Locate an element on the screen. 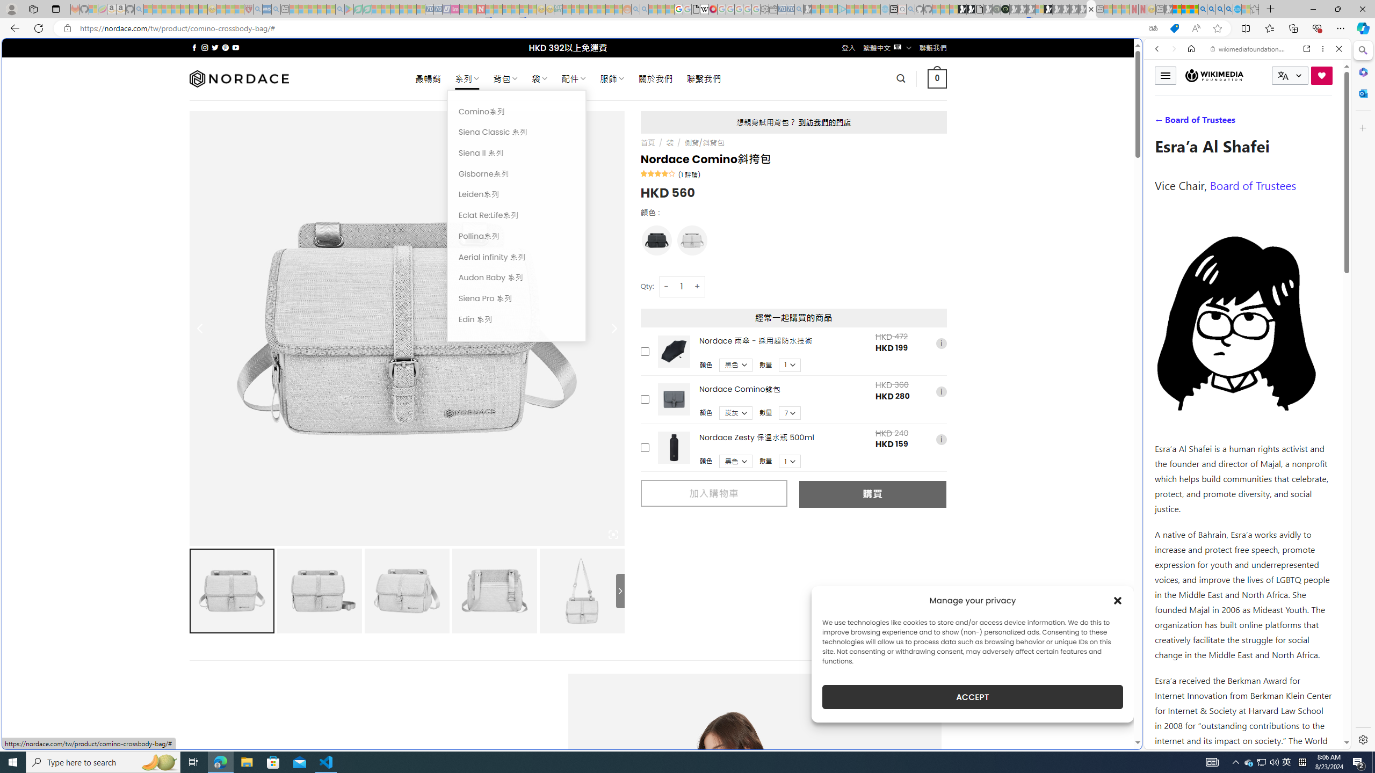  'Follow on Pinterest' is located at coordinates (224, 47).